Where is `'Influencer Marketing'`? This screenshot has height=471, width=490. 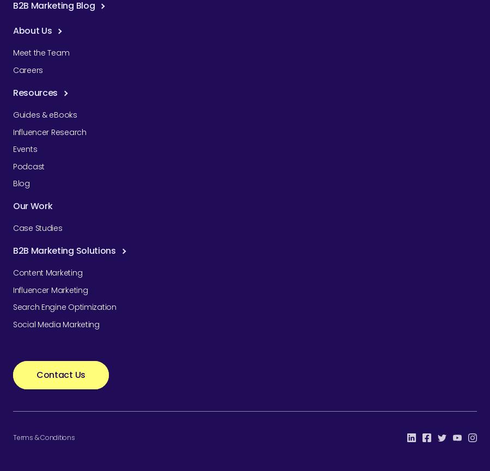 'Influencer Marketing' is located at coordinates (50, 289).